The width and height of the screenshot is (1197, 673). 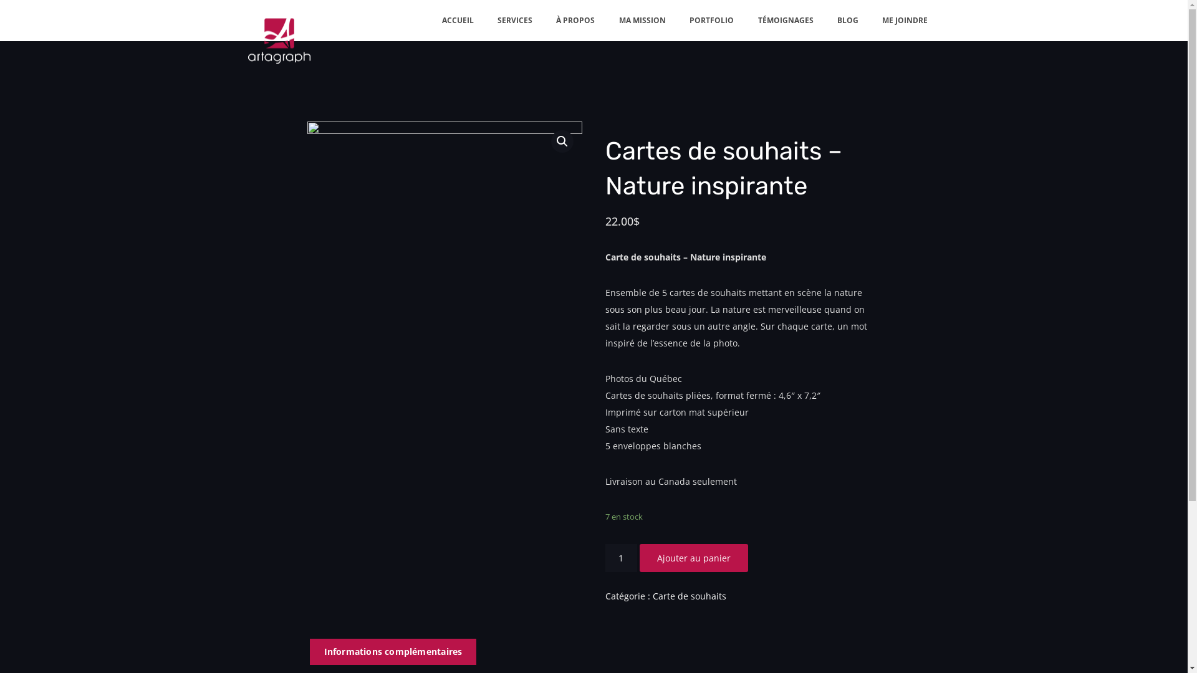 What do you see at coordinates (445, 258) in the screenshot?
I see `'artagraph-cartes-72 dpi'` at bounding box center [445, 258].